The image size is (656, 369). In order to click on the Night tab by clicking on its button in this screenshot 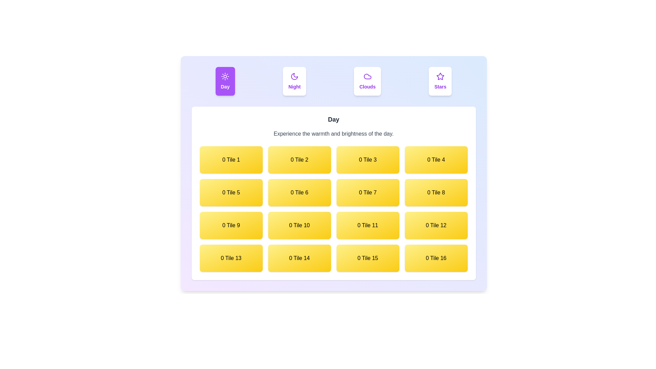, I will do `click(295, 81)`.